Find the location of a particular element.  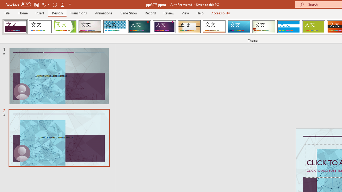

'Ion Boardroom' is located at coordinates (164, 27).